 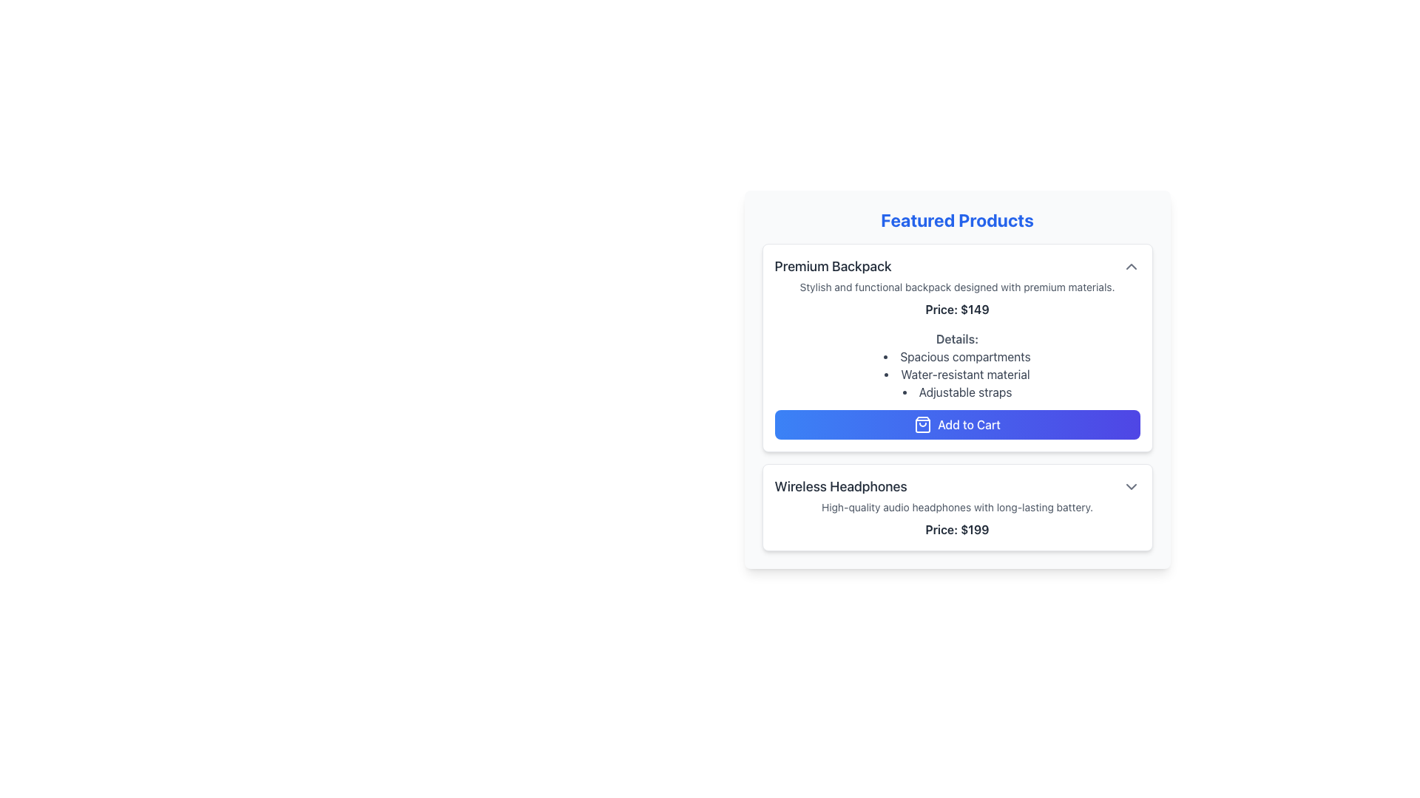 I want to click on the text element that informs users about a specific feature of the 'Premium Backpack' in the 'Featured Products' section, so click(x=957, y=373).